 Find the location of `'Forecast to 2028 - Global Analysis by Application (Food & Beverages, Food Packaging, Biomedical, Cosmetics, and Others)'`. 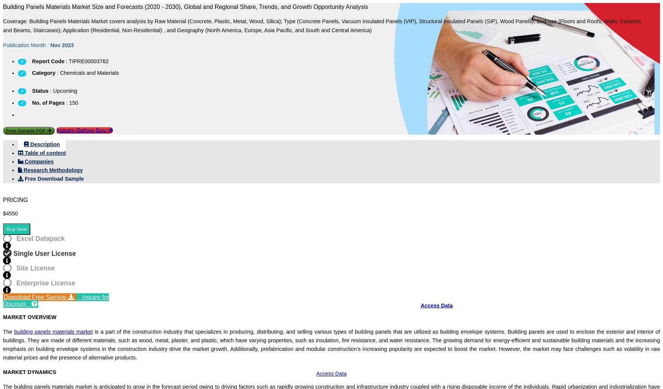

'Forecast to 2028 - Global Analysis by Application (Food & Beverages, Food Packaging, Biomedical, Cosmetics, and Others)' is located at coordinates (150, 152).